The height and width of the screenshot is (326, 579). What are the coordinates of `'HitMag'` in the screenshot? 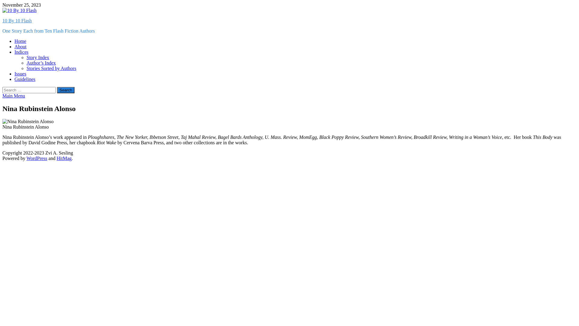 It's located at (64, 158).